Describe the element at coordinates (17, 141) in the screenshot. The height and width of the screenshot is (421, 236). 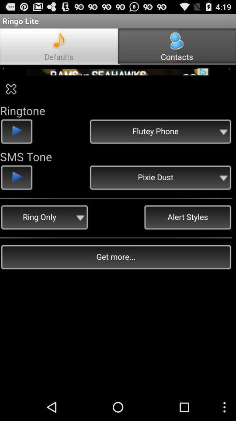
I see `the play icon` at that location.